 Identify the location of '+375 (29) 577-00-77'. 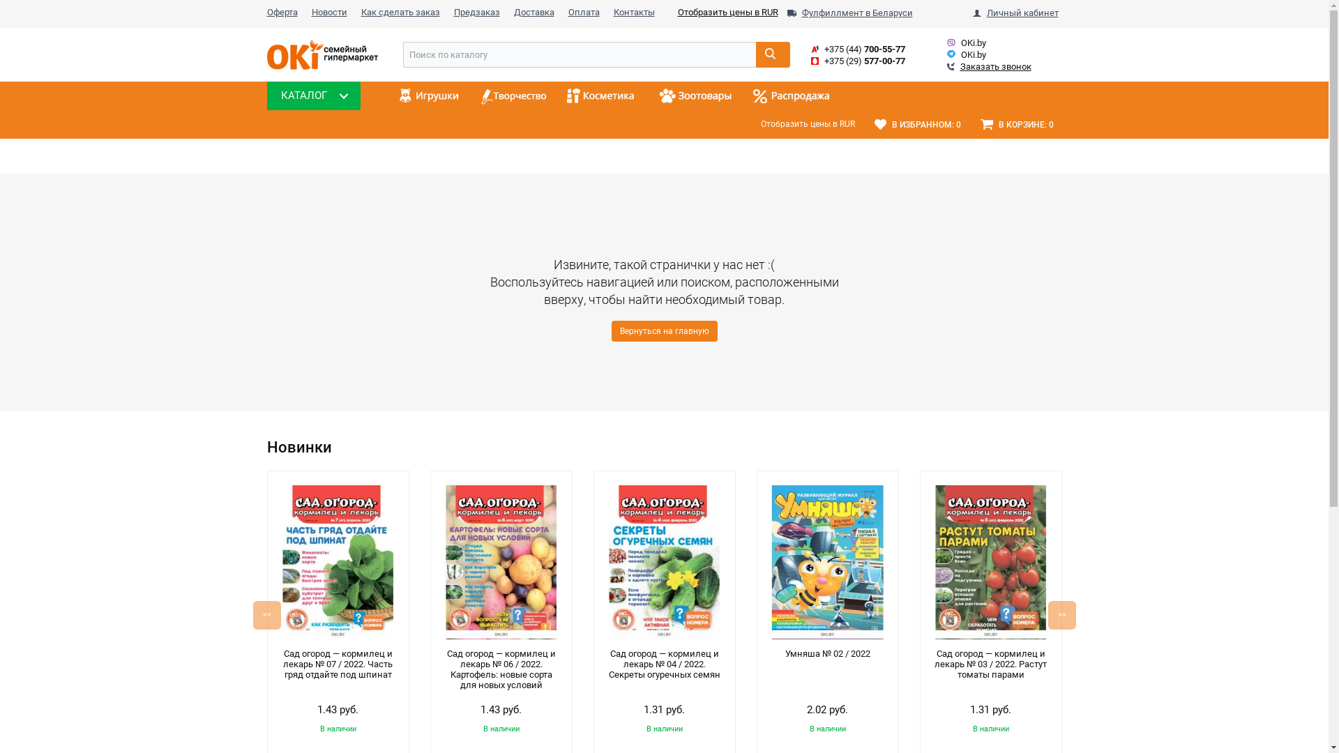
(824, 60).